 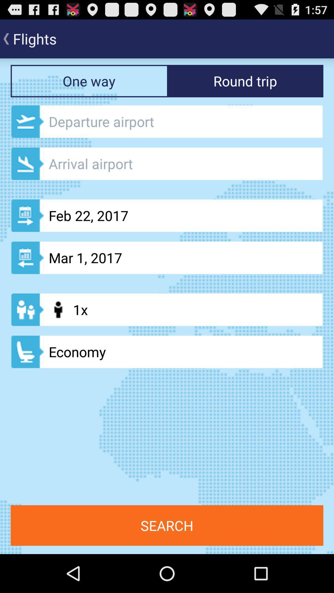 I want to click on the icon which is on the fourth row, so click(x=27, y=309).